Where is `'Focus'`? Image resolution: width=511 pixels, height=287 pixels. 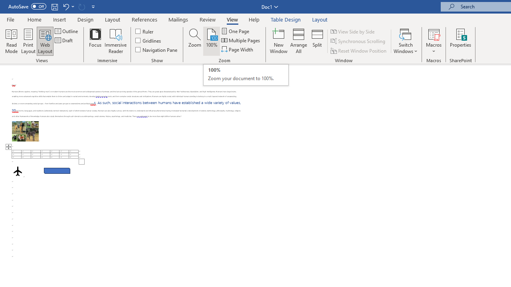 'Focus' is located at coordinates (95, 41).